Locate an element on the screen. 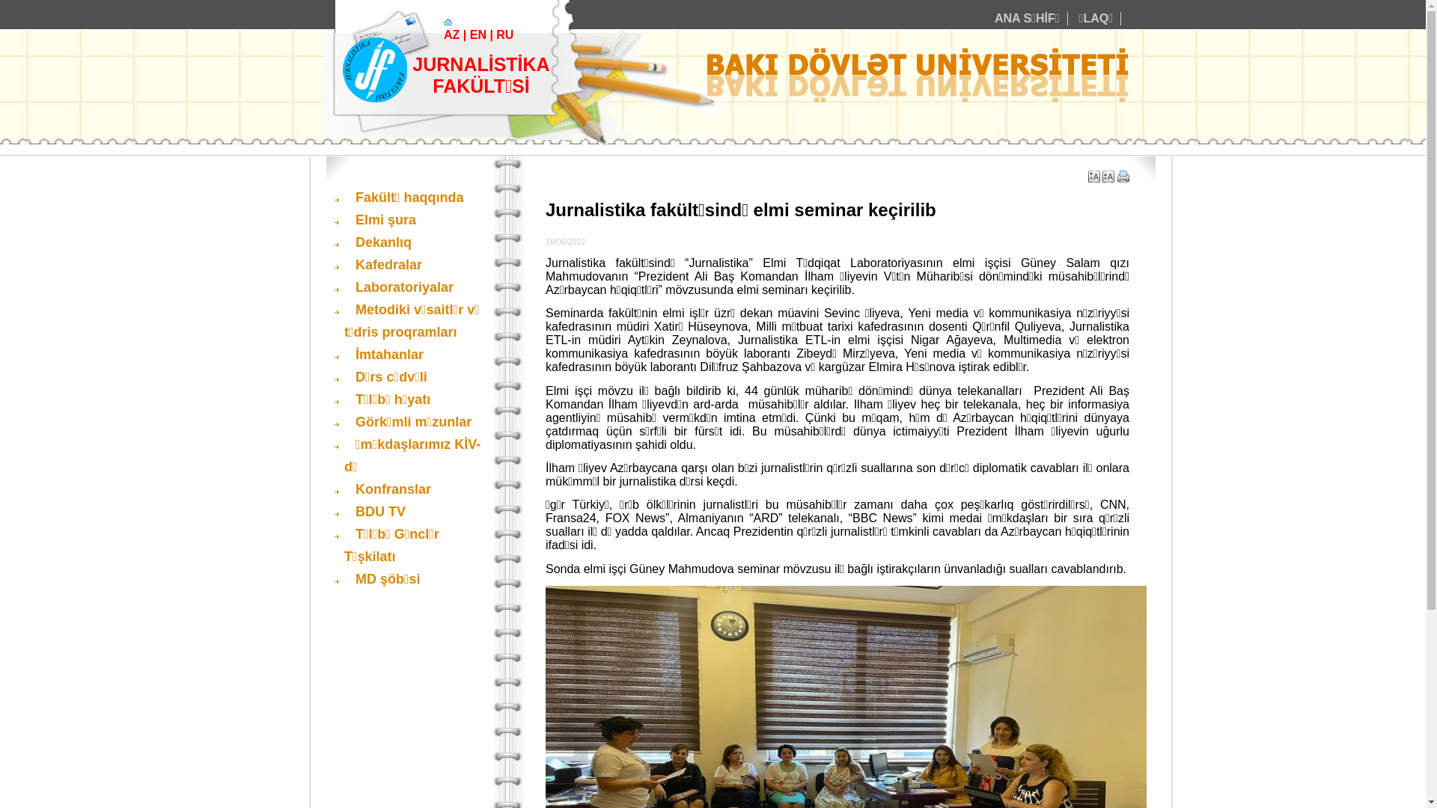 The image size is (1437, 808). 'AZ' is located at coordinates (443, 34).